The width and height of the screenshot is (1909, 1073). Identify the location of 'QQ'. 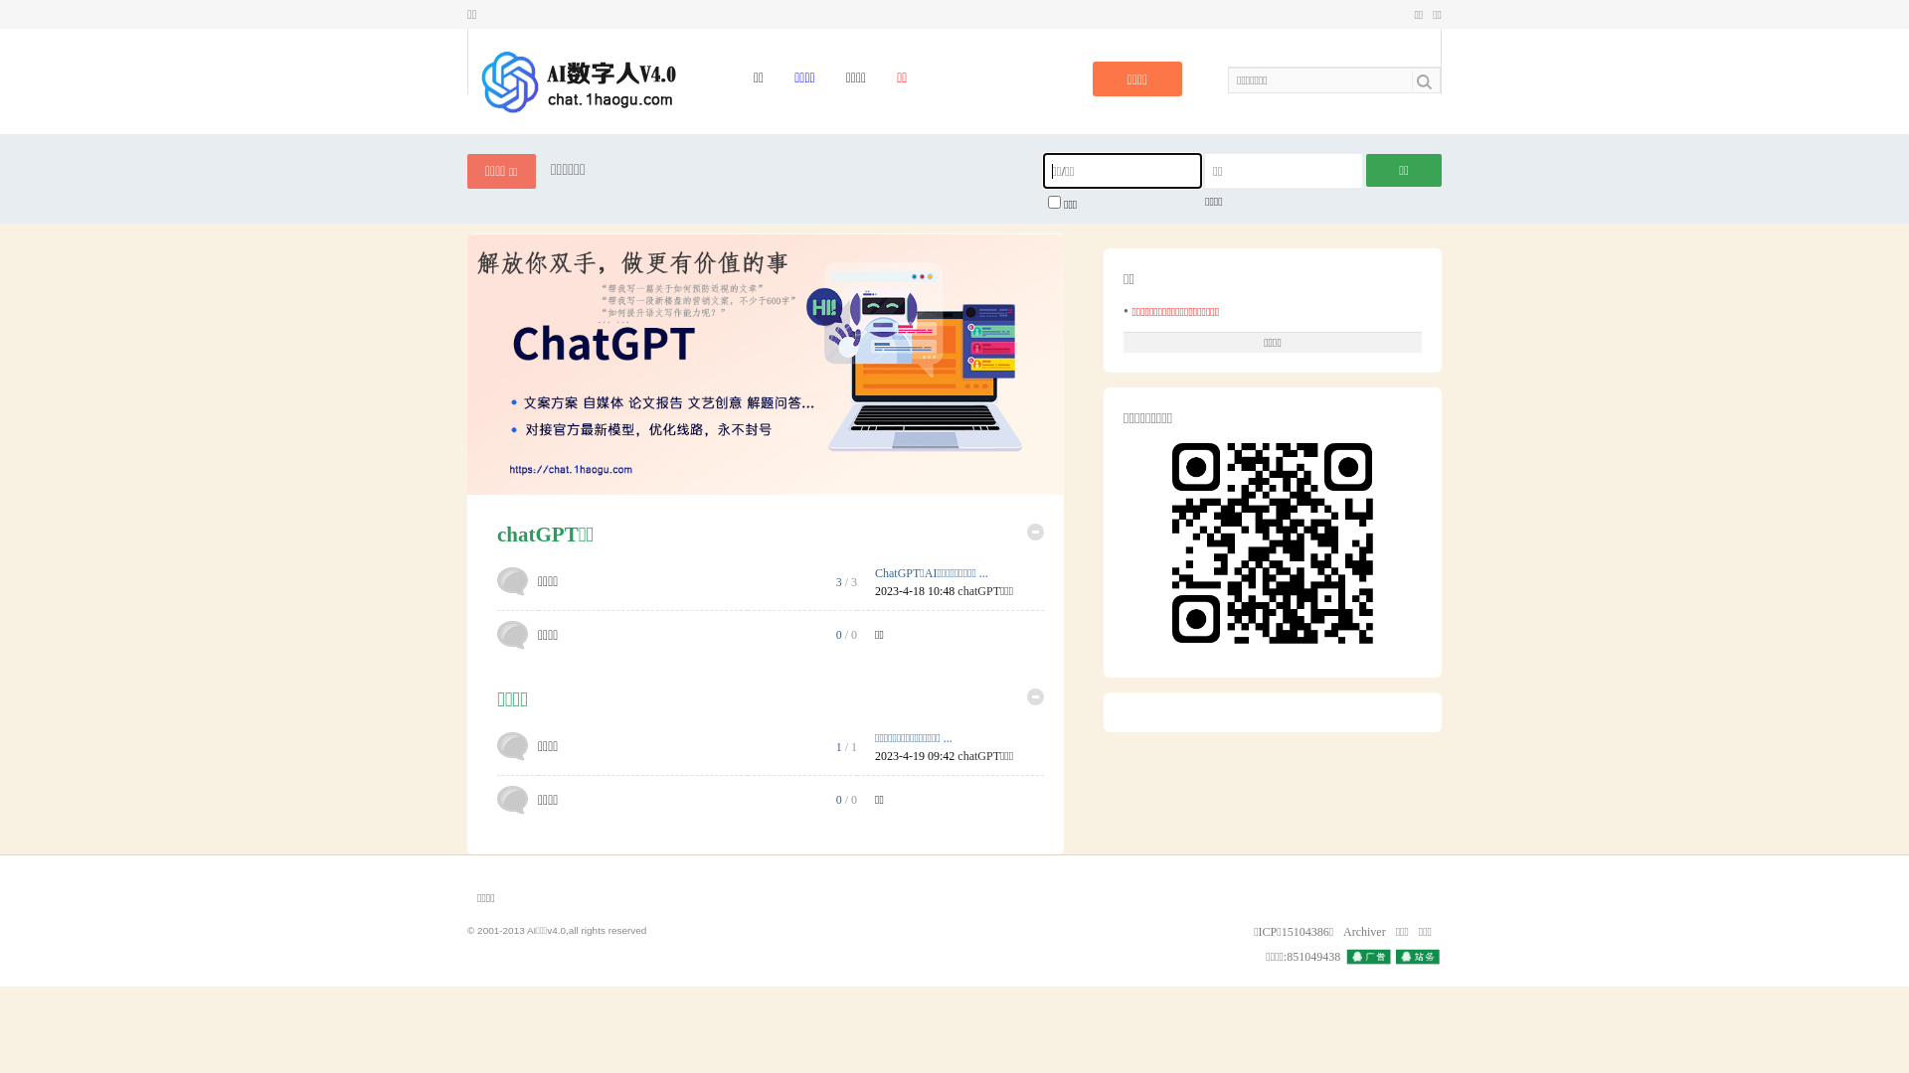
(1392, 956).